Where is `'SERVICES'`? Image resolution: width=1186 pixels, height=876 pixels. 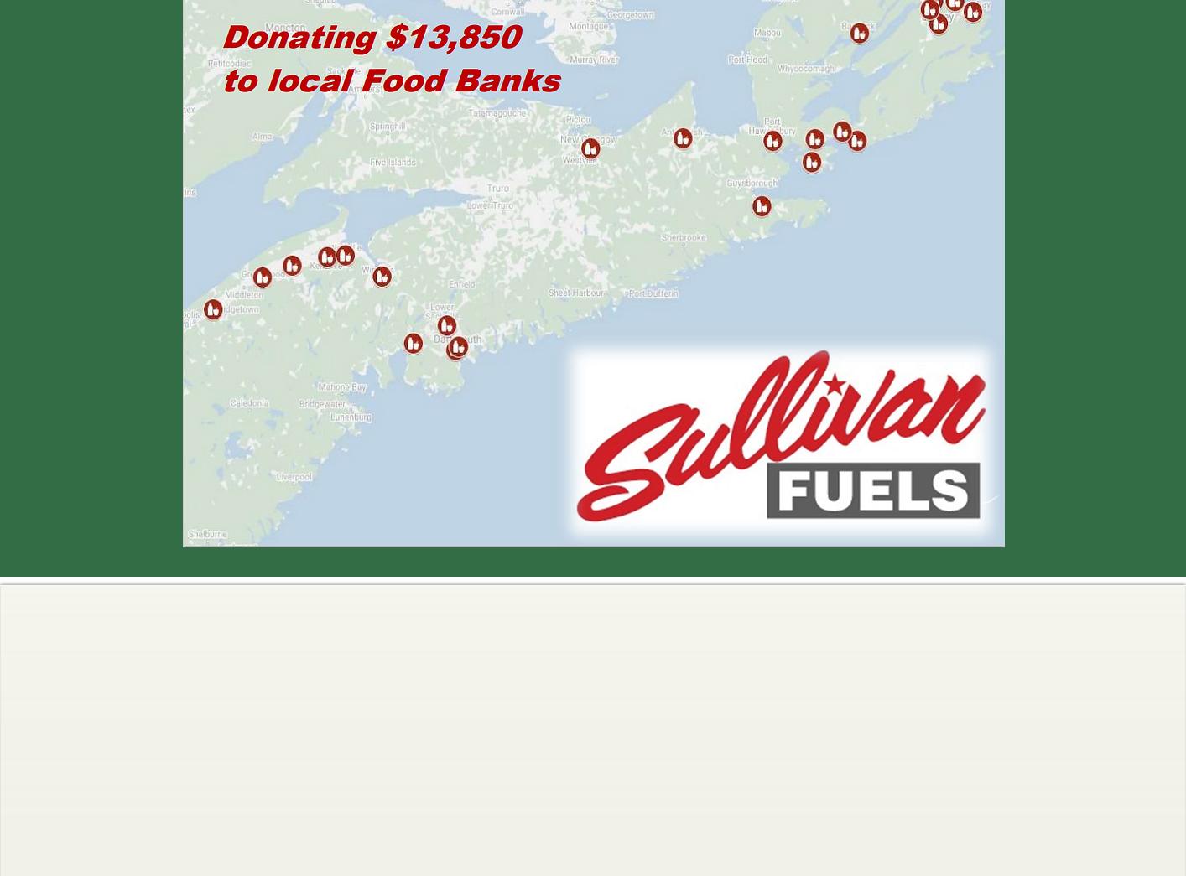
'SERVICES' is located at coordinates (219, 647).